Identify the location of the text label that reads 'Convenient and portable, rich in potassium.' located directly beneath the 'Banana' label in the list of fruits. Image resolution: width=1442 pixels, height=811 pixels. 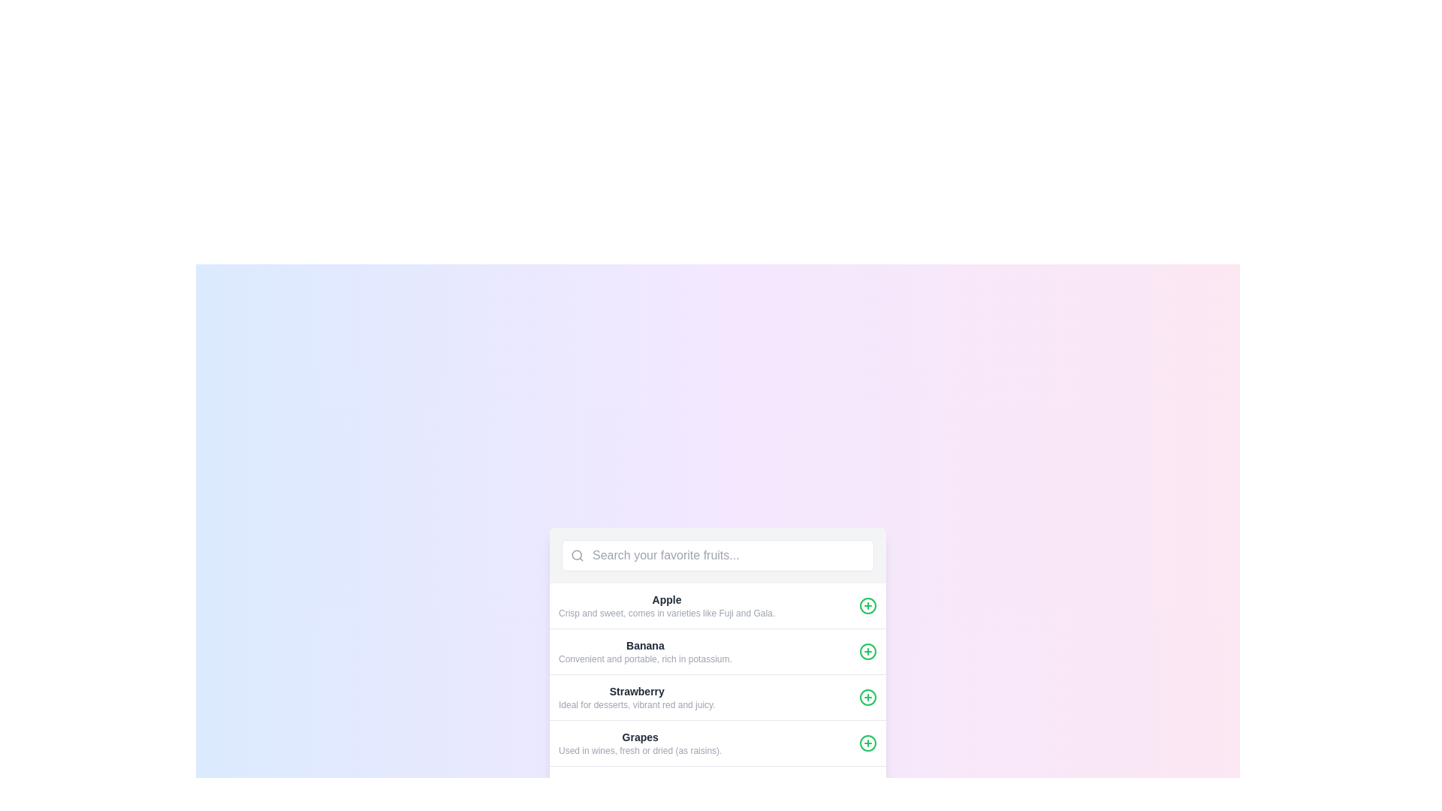
(645, 659).